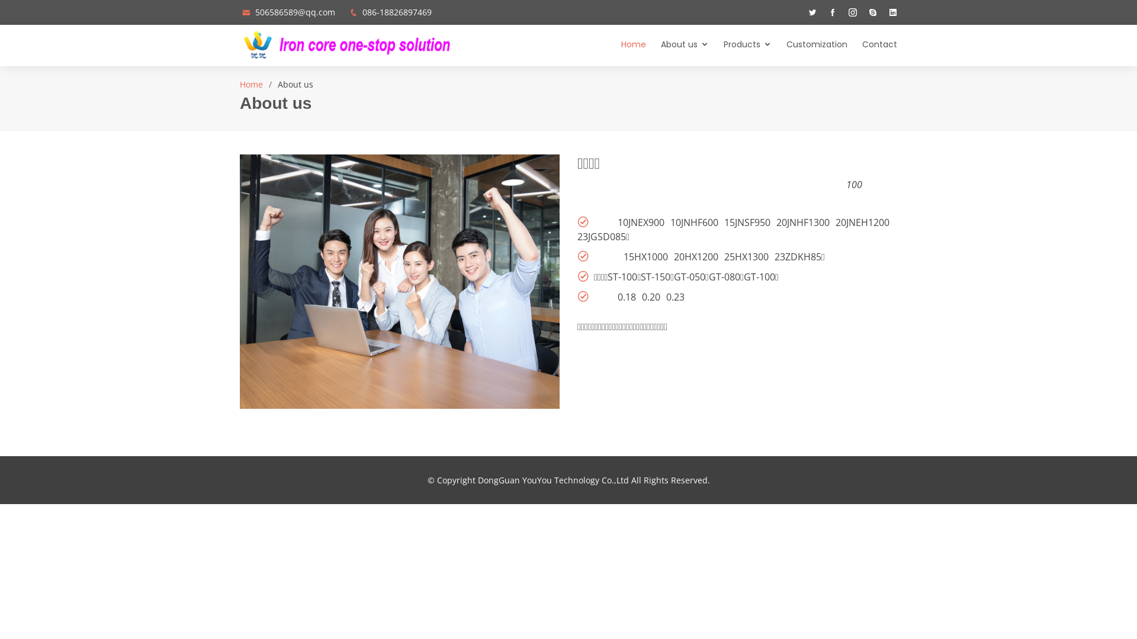 The width and height of the screenshot is (1137, 639). I want to click on 'Products', so click(739, 44).